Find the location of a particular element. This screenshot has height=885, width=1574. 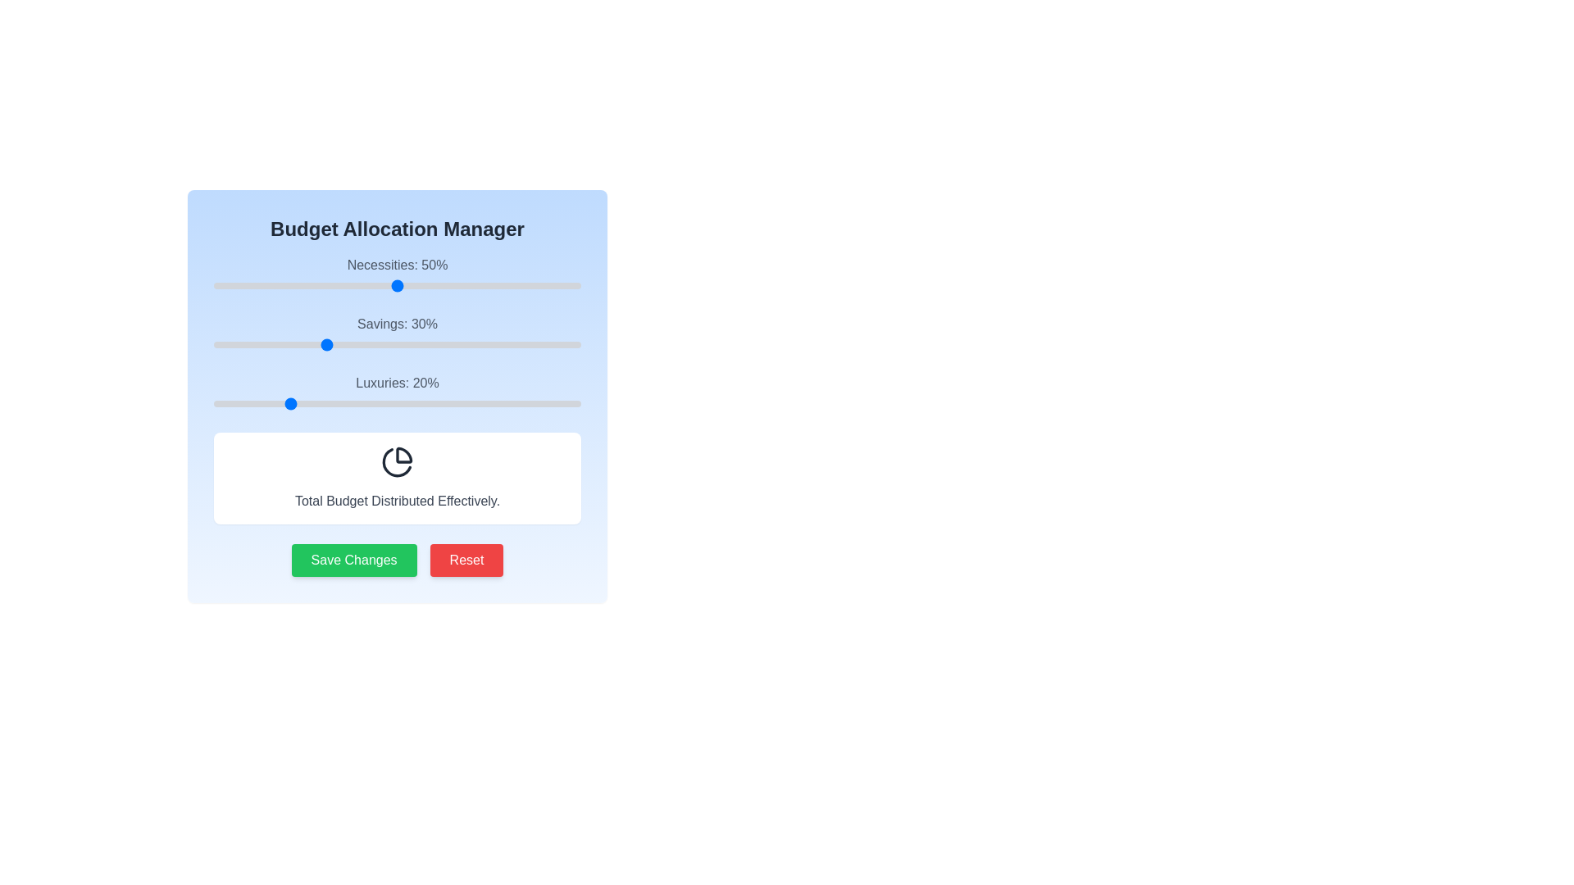

savings percentage is located at coordinates (246, 343).